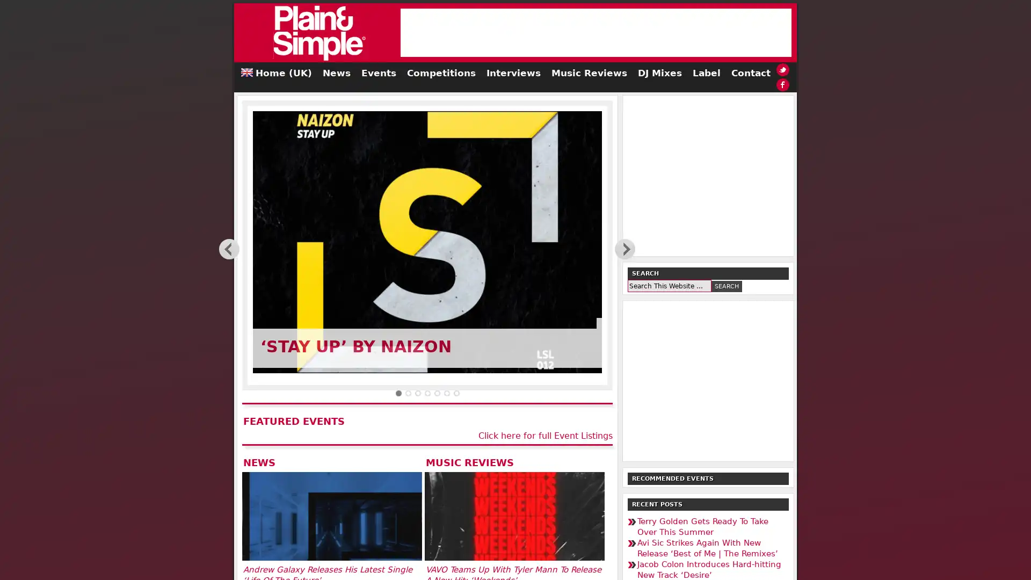 This screenshot has height=580, width=1031. I want to click on Search, so click(727, 285).